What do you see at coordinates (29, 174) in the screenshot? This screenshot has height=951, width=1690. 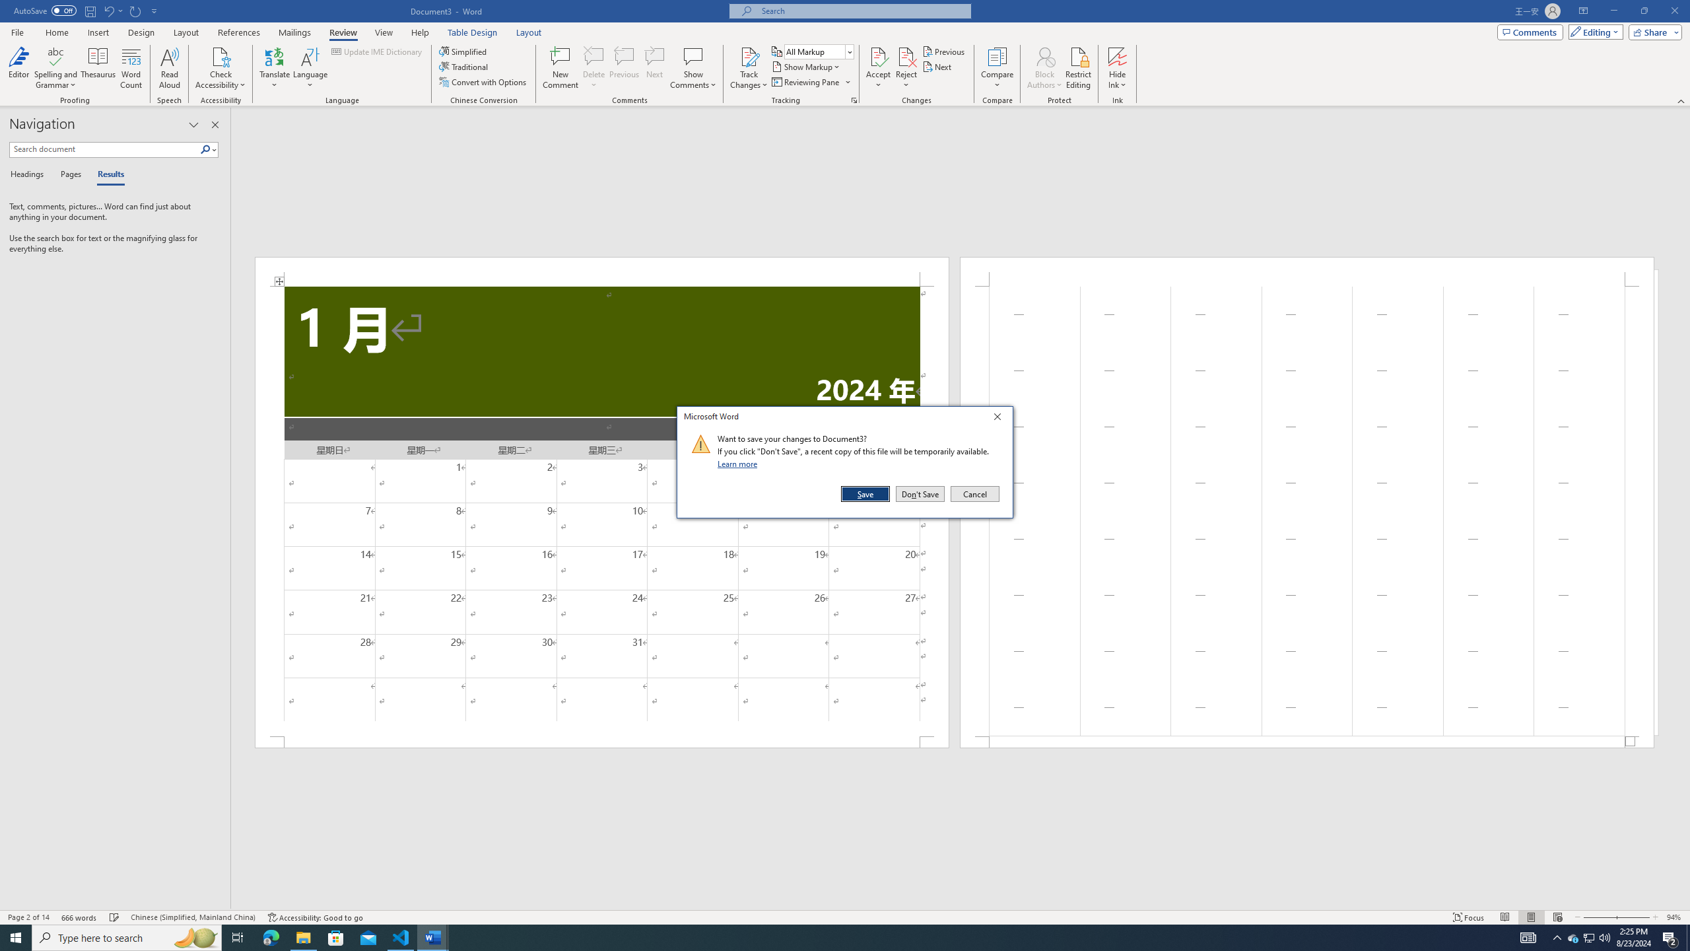 I see `'Headings'` at bounding box center [29, 174].